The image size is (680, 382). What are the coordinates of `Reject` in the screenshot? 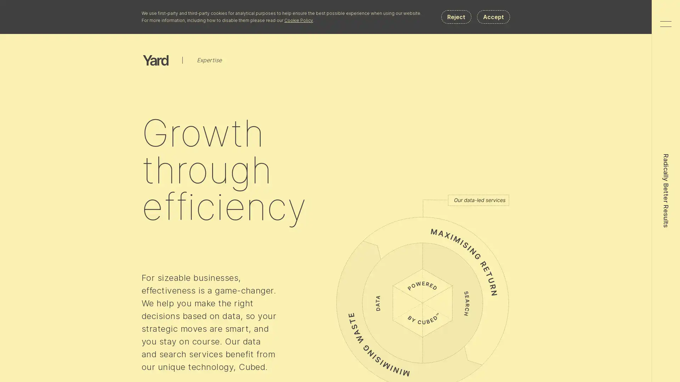 It's located at (456, 16).